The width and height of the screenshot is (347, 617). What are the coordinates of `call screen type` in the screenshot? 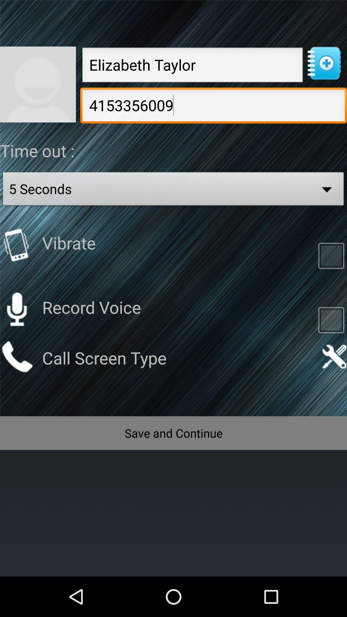 It's located at (16, 356).